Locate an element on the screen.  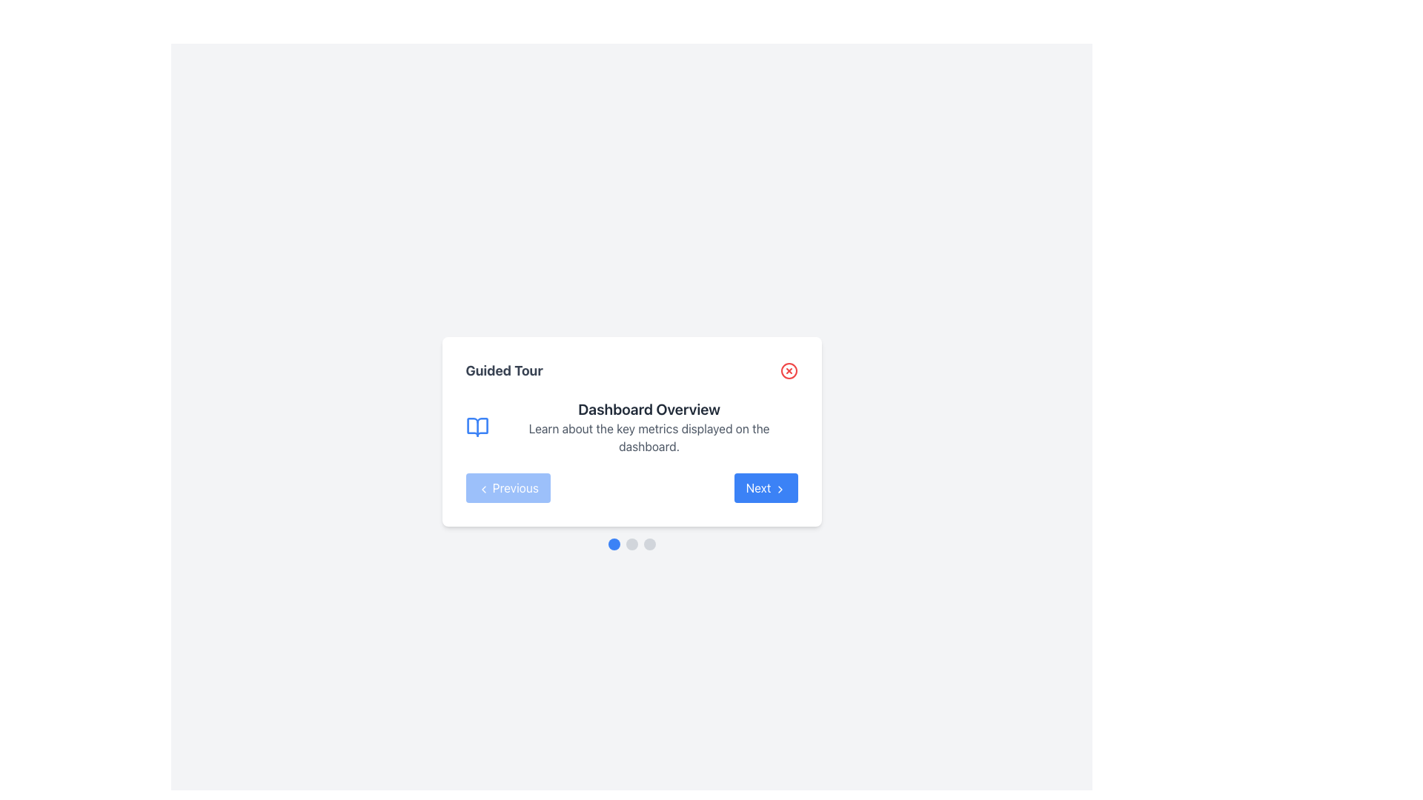
the section containing the blue open book icon and the text 'Dashboard Overview' with the description 'Learn about the key metrics displayed on the dashboard'. This section is located below the heading 'Guided Tour' and above the 'Previous' and 'Next' buttons is located at coordinates (631, 427).